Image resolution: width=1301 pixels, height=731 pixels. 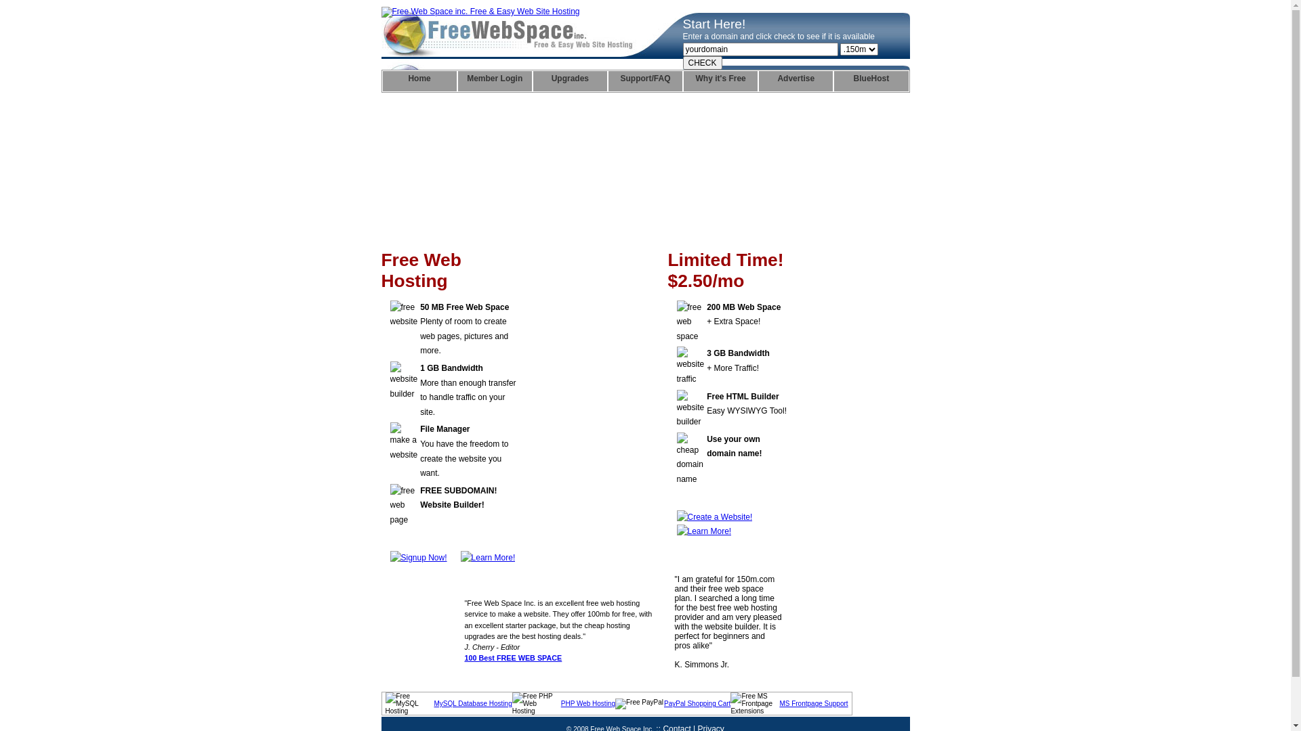 What do you see at coordinates (644, 81) in the screenshot?
I see `'Support/FAQ'` at bounding box center [644, 81].